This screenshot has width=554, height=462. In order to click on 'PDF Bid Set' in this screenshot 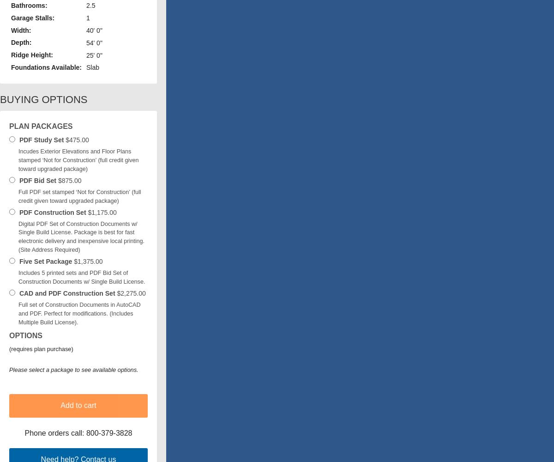, I will do `click(37, 180)`.